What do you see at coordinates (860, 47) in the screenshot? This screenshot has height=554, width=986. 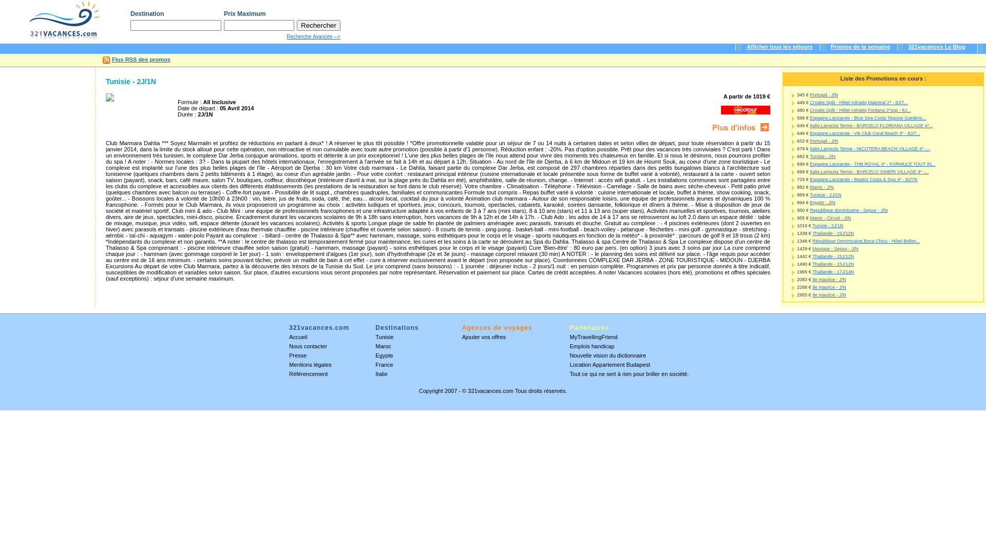 I see `'Promos de la semaine'` at bounding box center [860, 47].